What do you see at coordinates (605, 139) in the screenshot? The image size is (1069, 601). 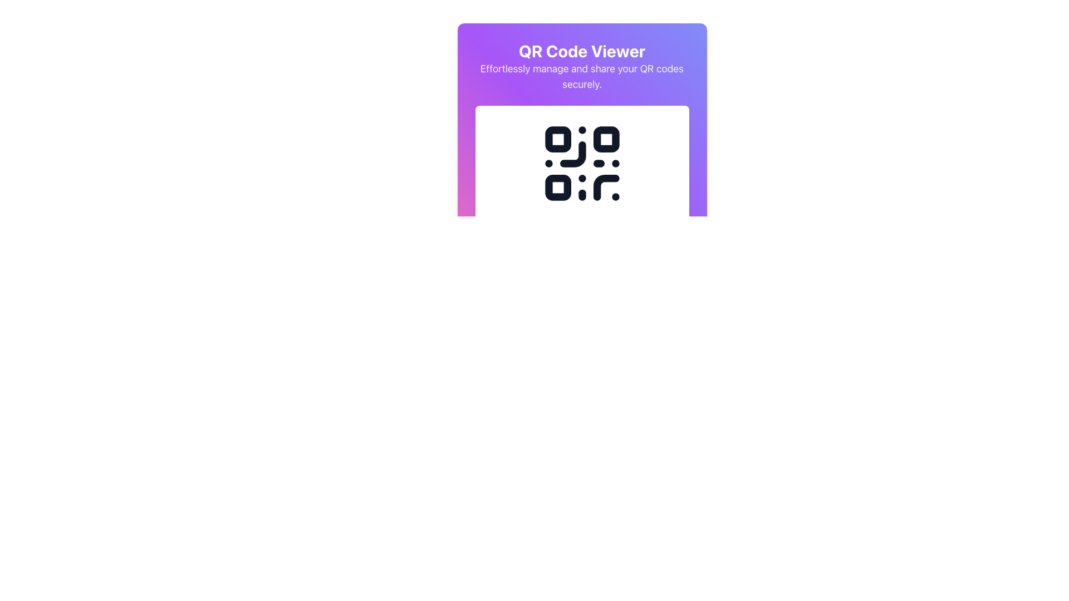 I see `the decorative component of the QR code, which is a small square with rounded corners displayed in white on a dark background, located in the top-right corner of the QR code pattern` at bounding box center [605, 139].